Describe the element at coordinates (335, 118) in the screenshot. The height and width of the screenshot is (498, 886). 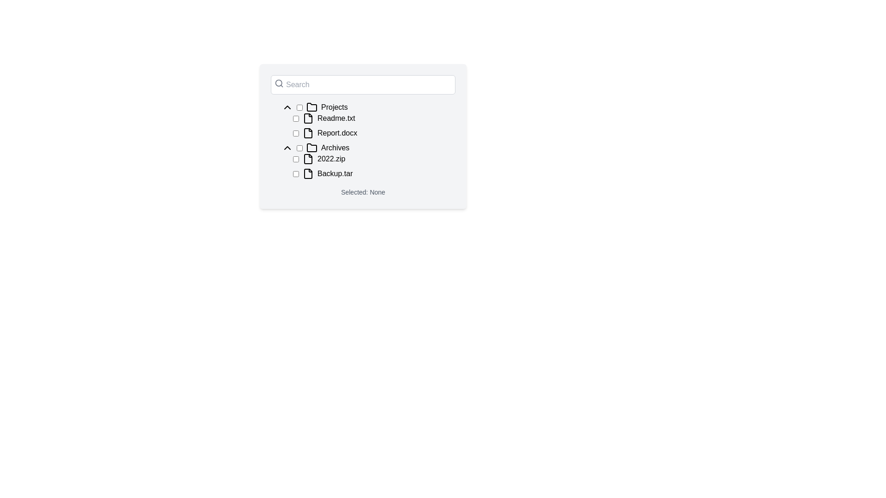
I see `on the text label 'Readme.txt' in the file hierarchy view` at that location.